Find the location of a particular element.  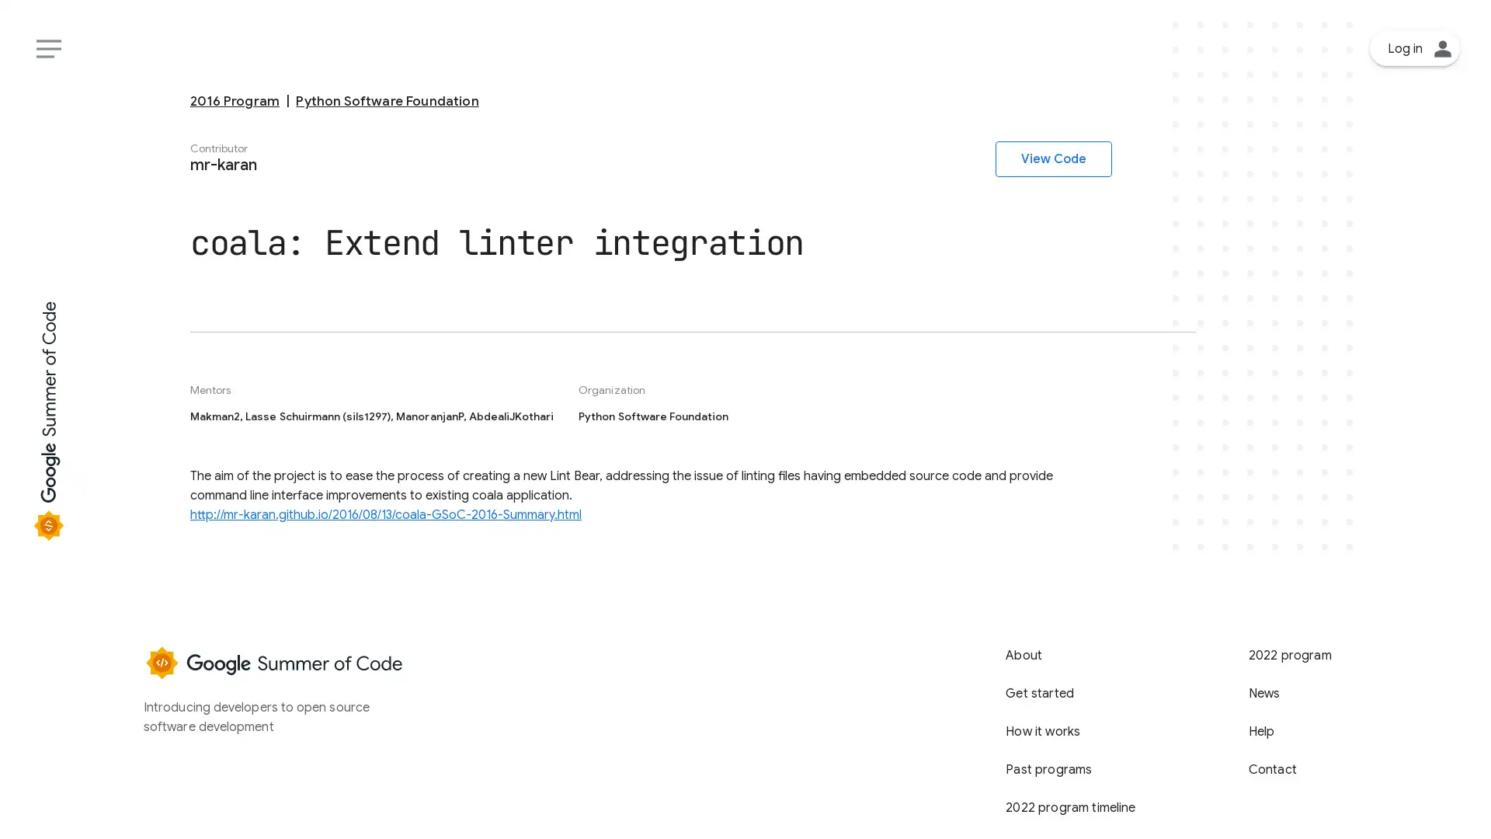

Log in is located at coordinates (1415, 47).